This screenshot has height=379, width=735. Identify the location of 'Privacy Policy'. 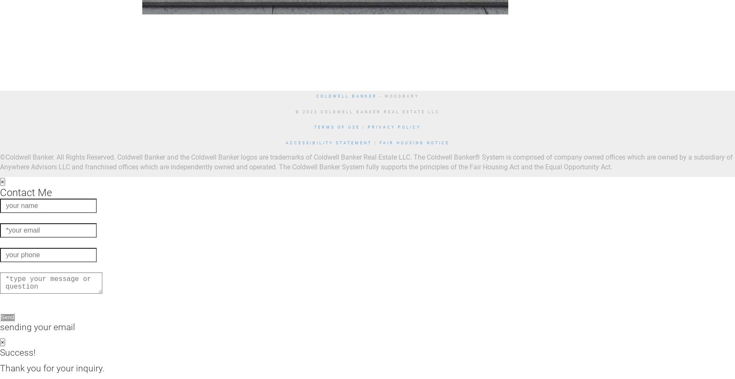
(394, 127).